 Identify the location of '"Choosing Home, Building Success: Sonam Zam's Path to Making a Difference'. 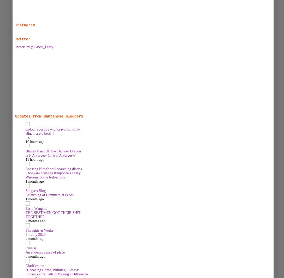
(56, 272).